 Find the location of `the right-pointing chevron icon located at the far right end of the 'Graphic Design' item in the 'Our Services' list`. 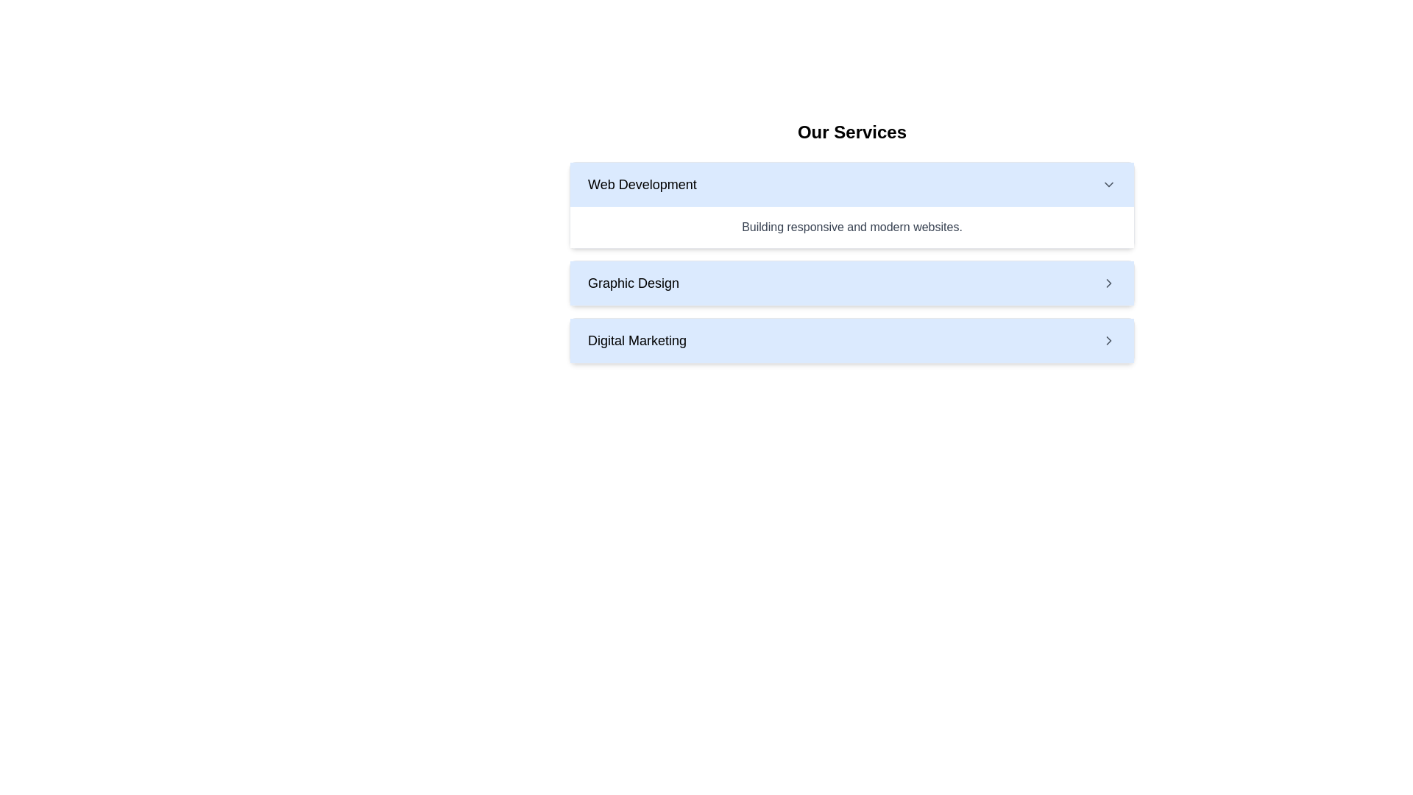

the right-pointing chevron icon located at the far right end of the 'Graphic Design' item in the 'Our Services' list is located at coordinates (1109, 283).